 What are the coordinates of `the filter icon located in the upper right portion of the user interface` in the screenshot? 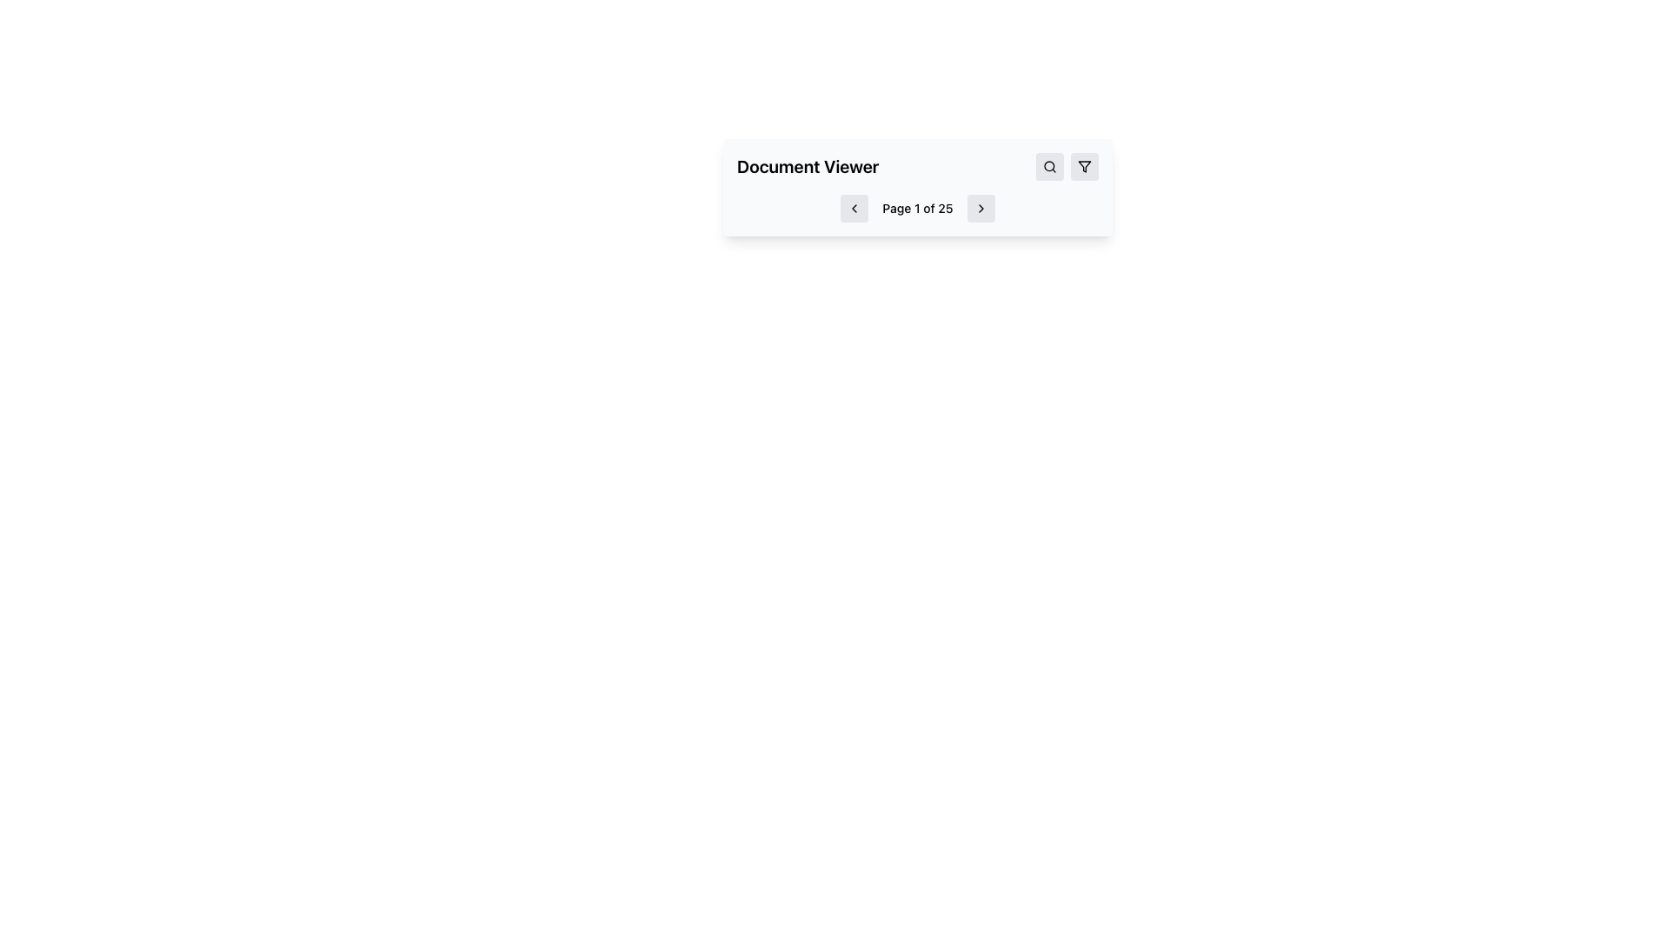 It's located at (1084, 167).